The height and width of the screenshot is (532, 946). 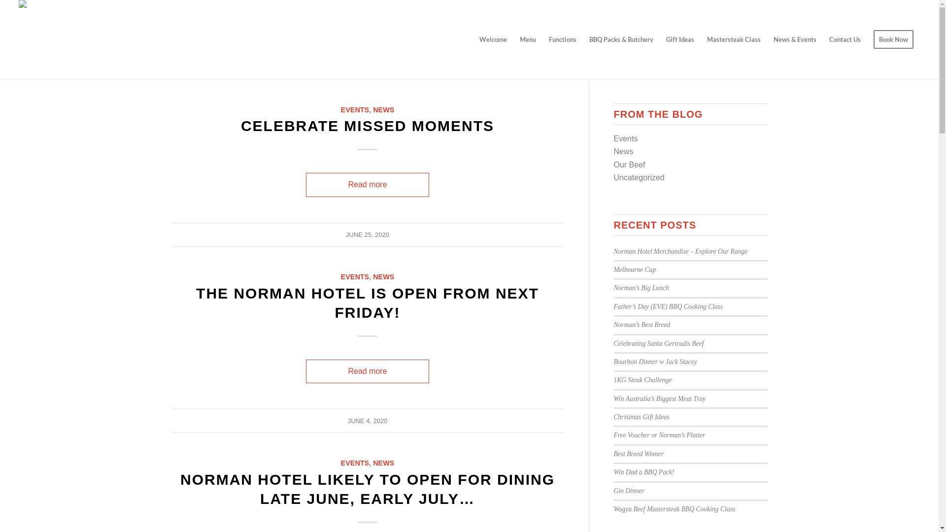 I want to click on 'CELEBRATE MISSED MOMENTS', so click(x=367, y=125).